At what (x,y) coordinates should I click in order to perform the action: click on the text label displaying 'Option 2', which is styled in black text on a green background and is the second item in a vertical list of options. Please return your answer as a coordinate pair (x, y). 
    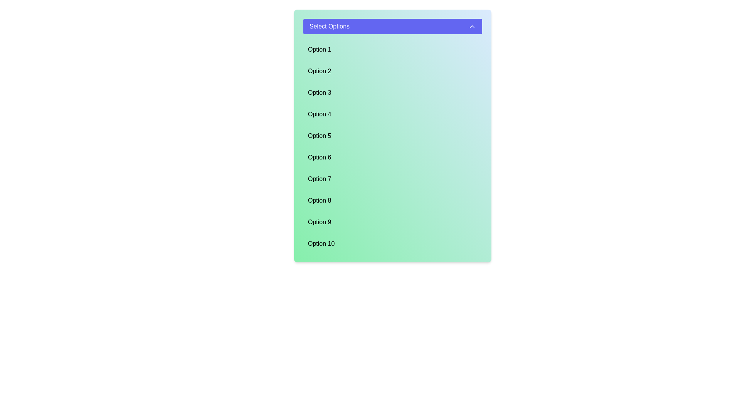
    Looking at the image, I should click on (320, 71).